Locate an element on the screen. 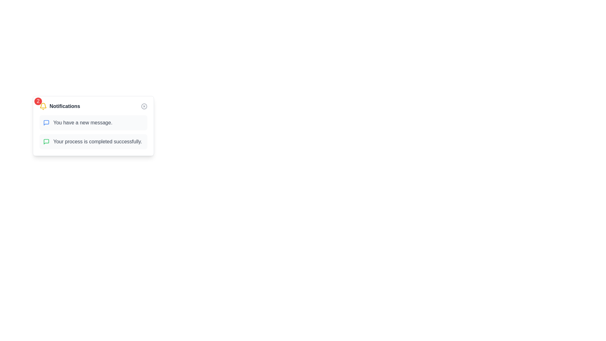 The image size is (606, 341). the completed process notification icon located in the lower section of the notification box, positioned to the left of the corresponding text message is located at coordinates (46, 141).